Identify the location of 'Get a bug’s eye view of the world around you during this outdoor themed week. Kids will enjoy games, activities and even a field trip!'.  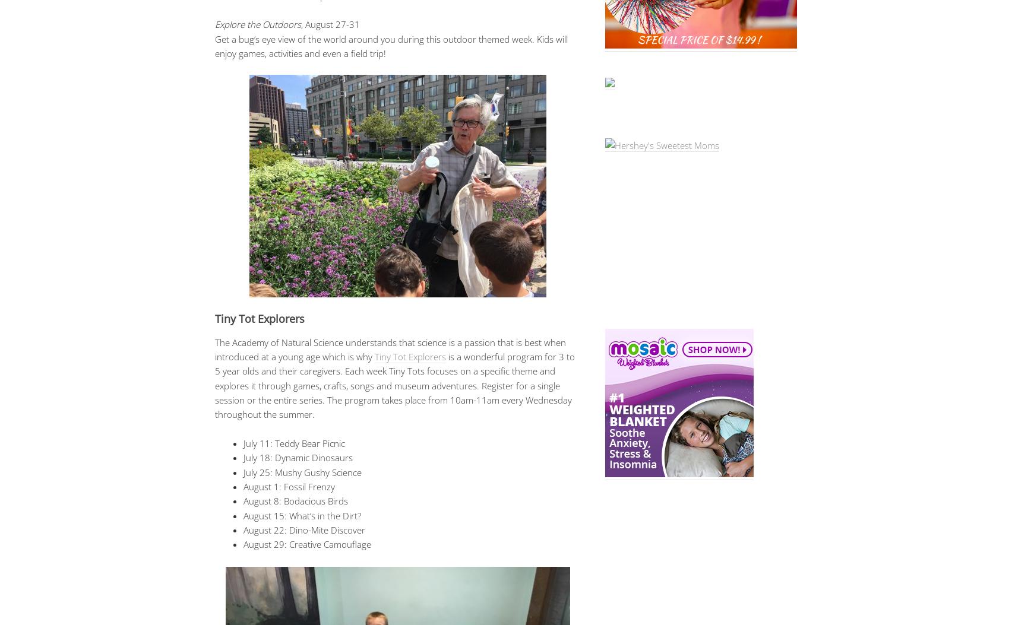
(390, 45).